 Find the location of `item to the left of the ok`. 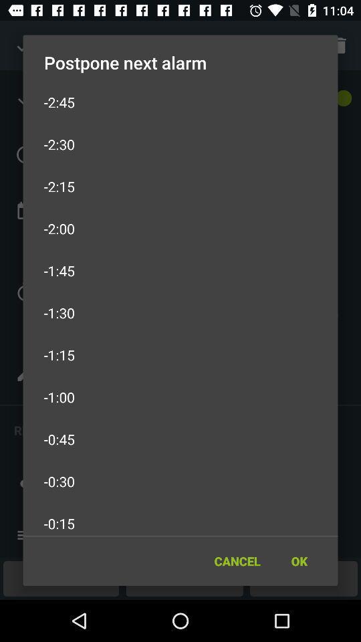

item to the left of the ok is located at coordinates (237, 561).